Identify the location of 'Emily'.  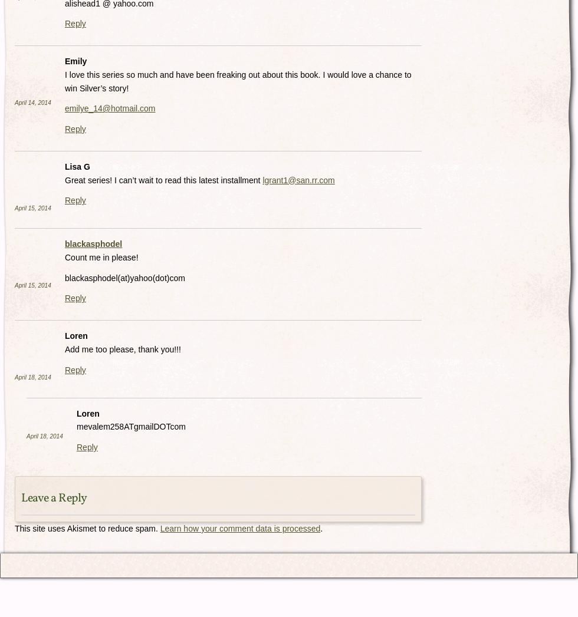
(75, 60).